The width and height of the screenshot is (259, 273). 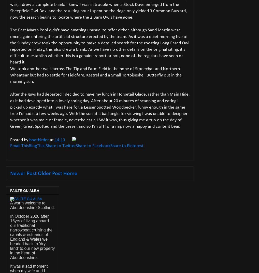 What do you see at coordinates (100, 46) in the screenshot?
I see `'The East Marsh Pool didn't have anything unusual to offer either, although Sand Martin were once again entering the artificial structure erected by the team. As it was a quiet morning five of the Sunday crew took the opportunity to make a detailed search for the roosting Long Eared Owl reported on Friday, this also drew a blank. As we have no other details on the original siting, it's difficult to establish whether this is a genuine report or not, none of the regulars have seen or heard it.'` at bounding box center [100, 46].